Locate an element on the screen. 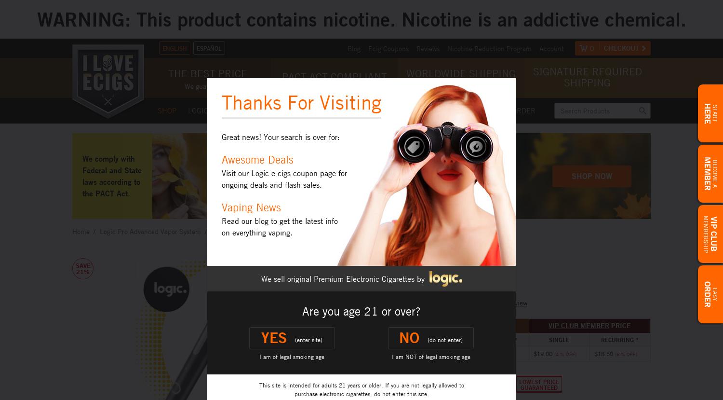 This screenshot has width=723, height=400. 'Worldwide shipping' is located at coordinates (405, 73).